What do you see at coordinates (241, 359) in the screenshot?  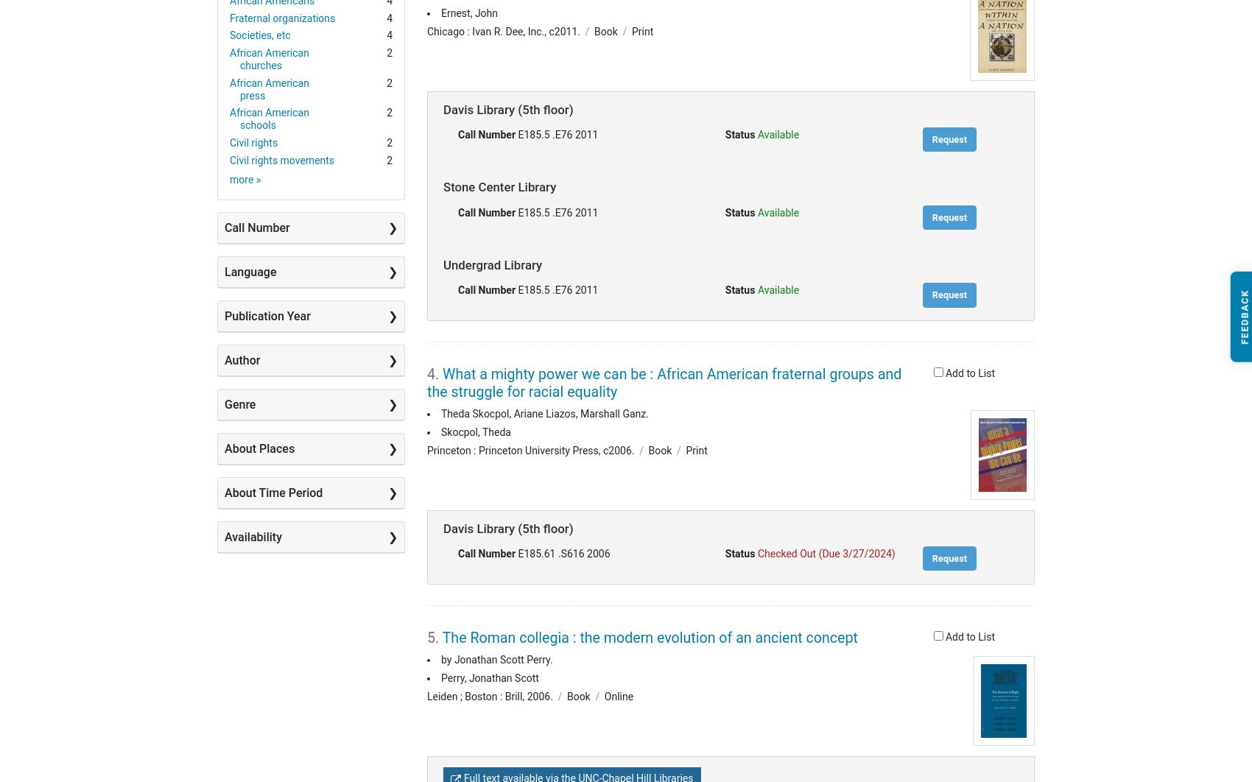 I see `'Author'` at bounding box center [241, 359].